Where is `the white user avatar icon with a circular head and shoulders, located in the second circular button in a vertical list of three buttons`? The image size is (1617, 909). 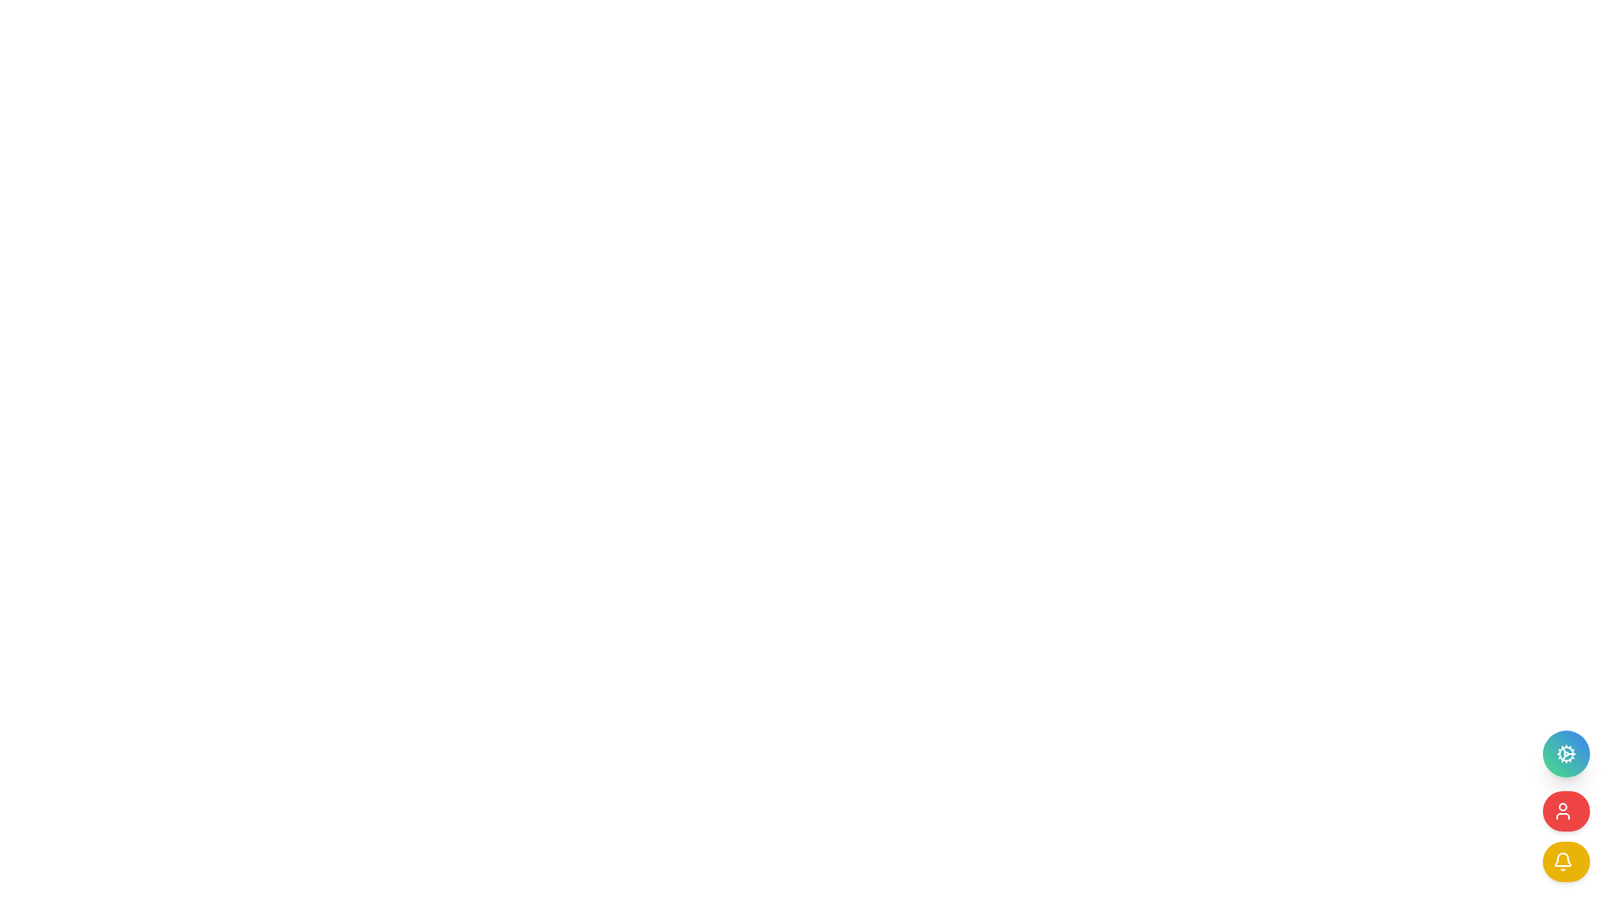
the white user avatar icon with a circular head and shoulders, located in the second circular button in a vertical list of three buttons is located at coordinates (1562, 811).